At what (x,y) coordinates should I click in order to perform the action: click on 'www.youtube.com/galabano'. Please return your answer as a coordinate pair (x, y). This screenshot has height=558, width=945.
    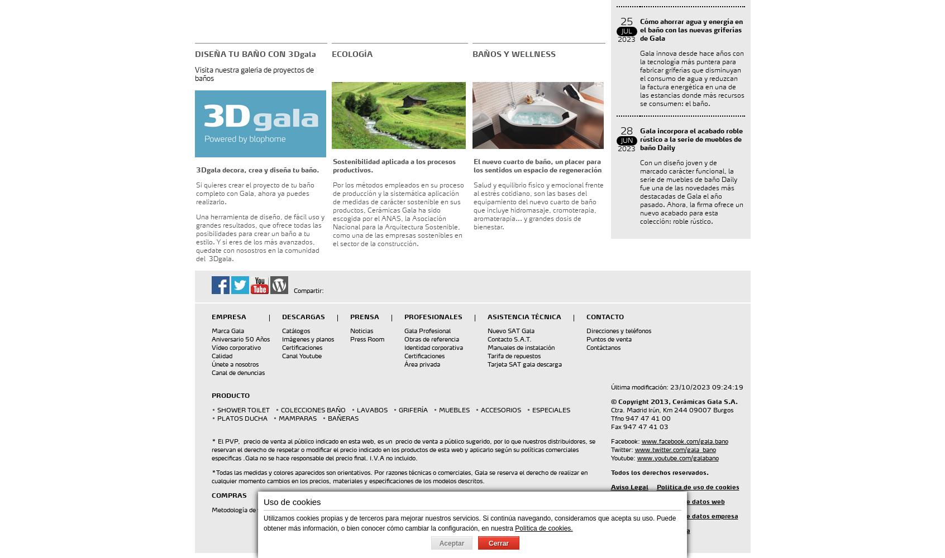
    Looking at the image, I should click on (677, 458).